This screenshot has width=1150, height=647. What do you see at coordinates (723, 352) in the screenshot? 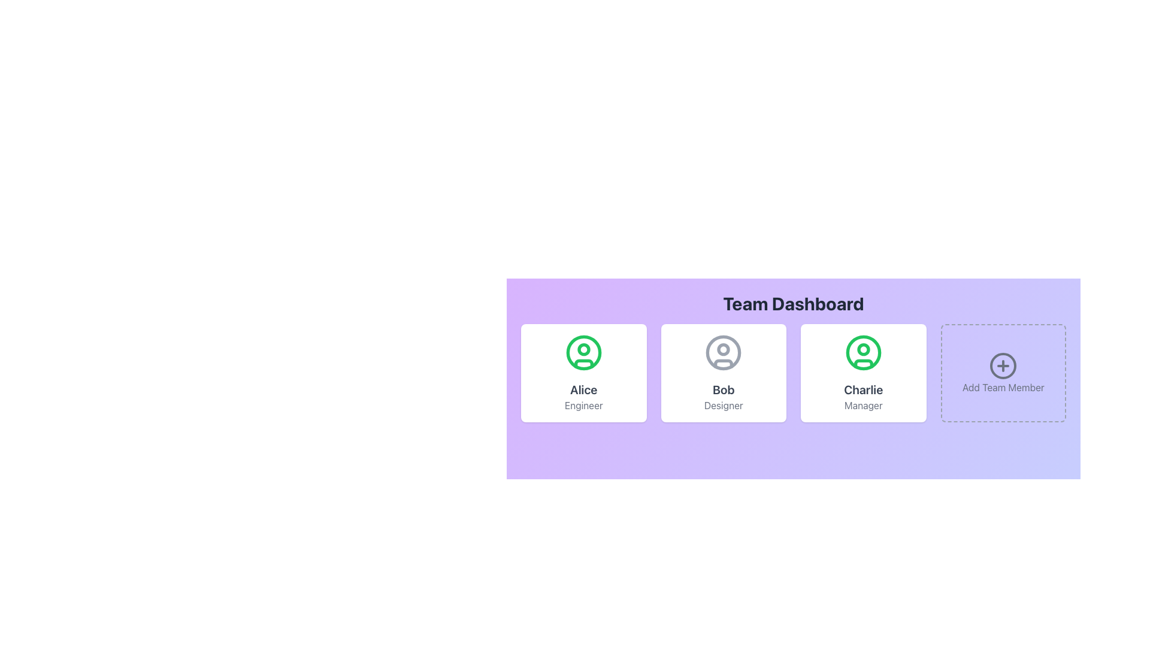
I see `the circular avatar icon with a light gray outline representing 'Bob Designer' in the second team member card on the Team Dashboard` at bounding box center [723, 352].